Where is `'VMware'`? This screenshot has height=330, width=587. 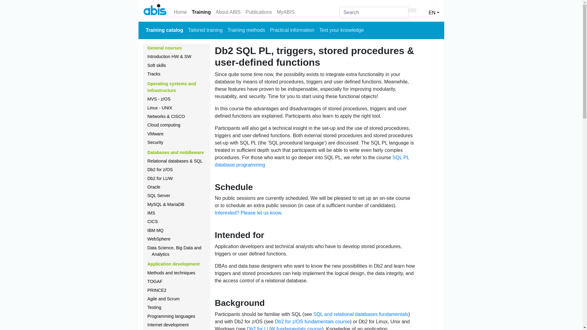 'VMware' is located at coordinates (155, 134).